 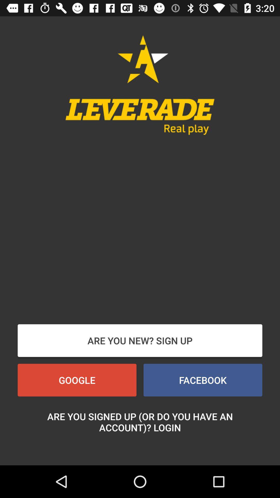 I want to click on icon next to the google item, so click(x=202, y=380).